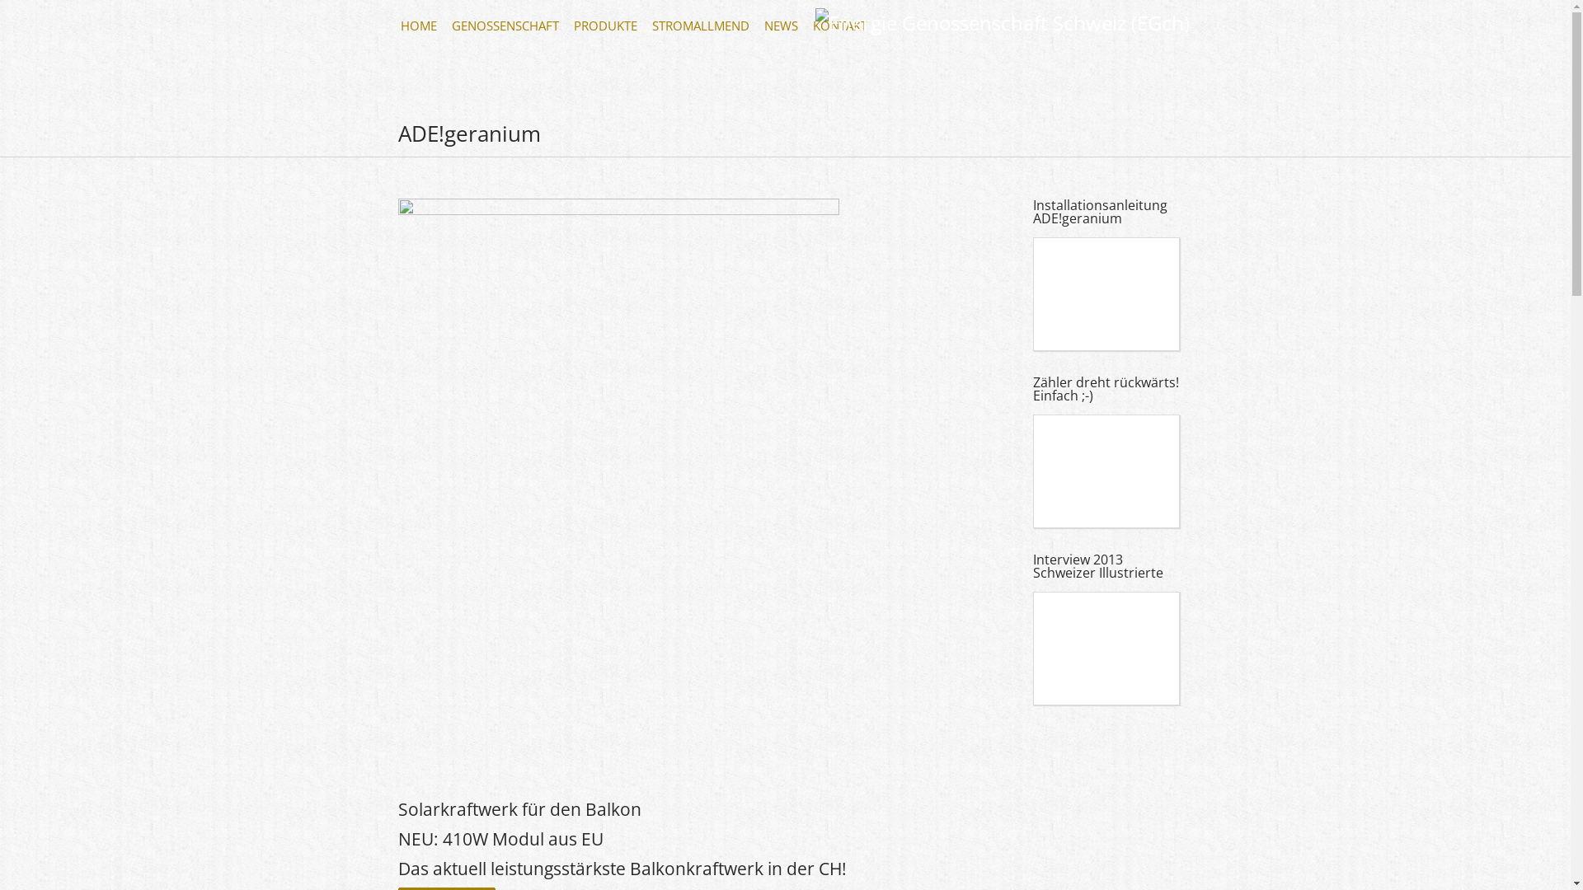  Describe the element at coordinates (1162, 658) in the screenshot. I see `'YouTube video player'` at that location.